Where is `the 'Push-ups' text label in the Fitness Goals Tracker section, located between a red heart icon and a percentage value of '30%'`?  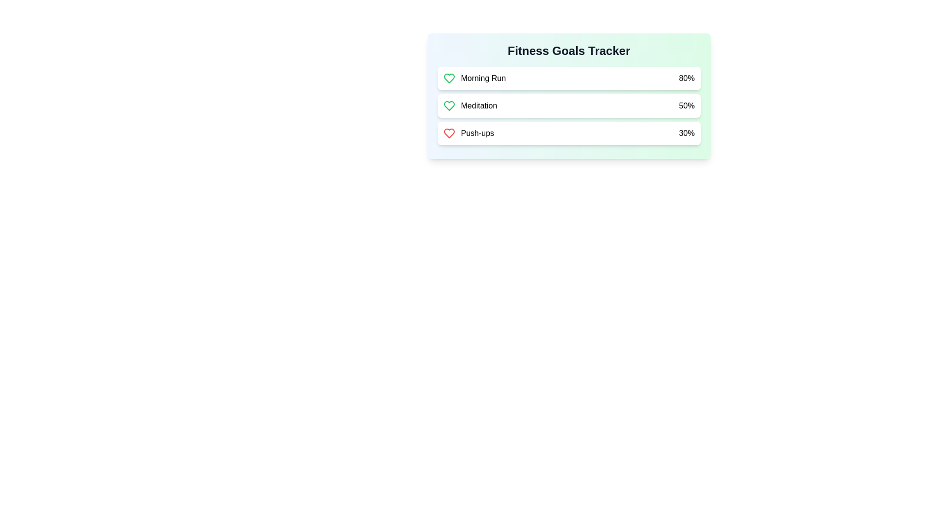 the 'Push-ups' text label in the Fitness Goals Tracker section, located between a red heart icon and a percentage value of '30%' is located at coordinates (477, 133).